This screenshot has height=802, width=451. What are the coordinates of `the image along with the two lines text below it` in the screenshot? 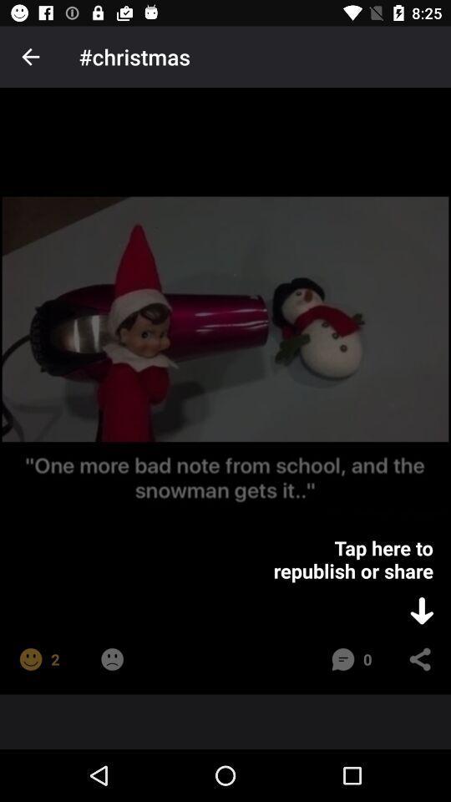 It's located at (225, 356).